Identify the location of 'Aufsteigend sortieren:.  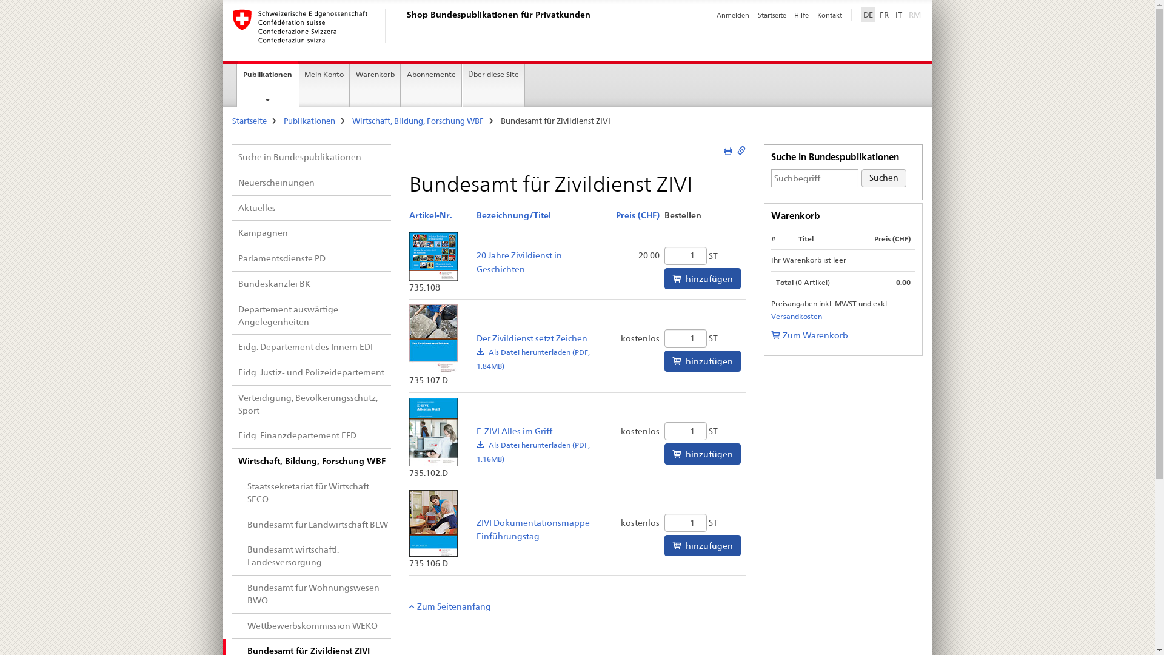
(513, 214).